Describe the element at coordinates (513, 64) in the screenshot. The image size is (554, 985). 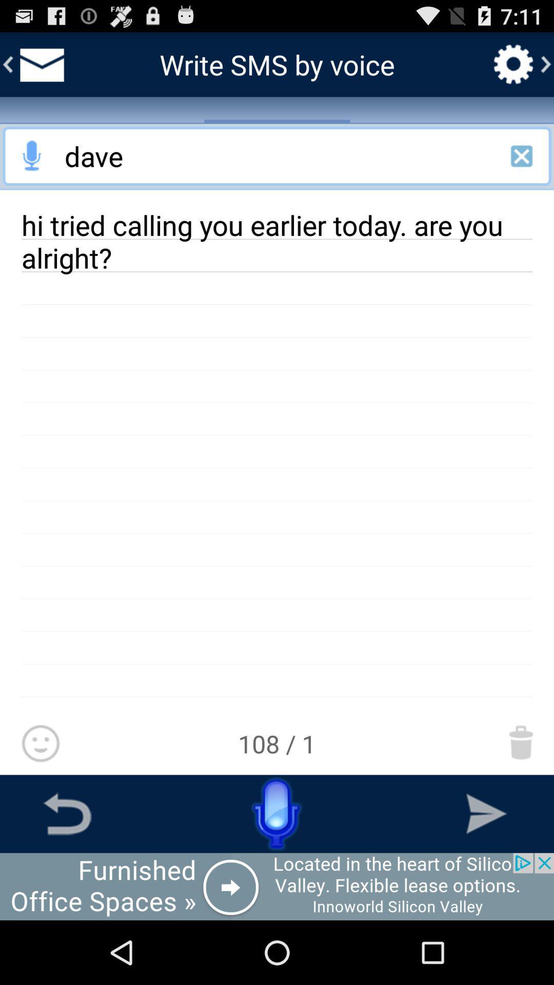
I see `settings` at that location.